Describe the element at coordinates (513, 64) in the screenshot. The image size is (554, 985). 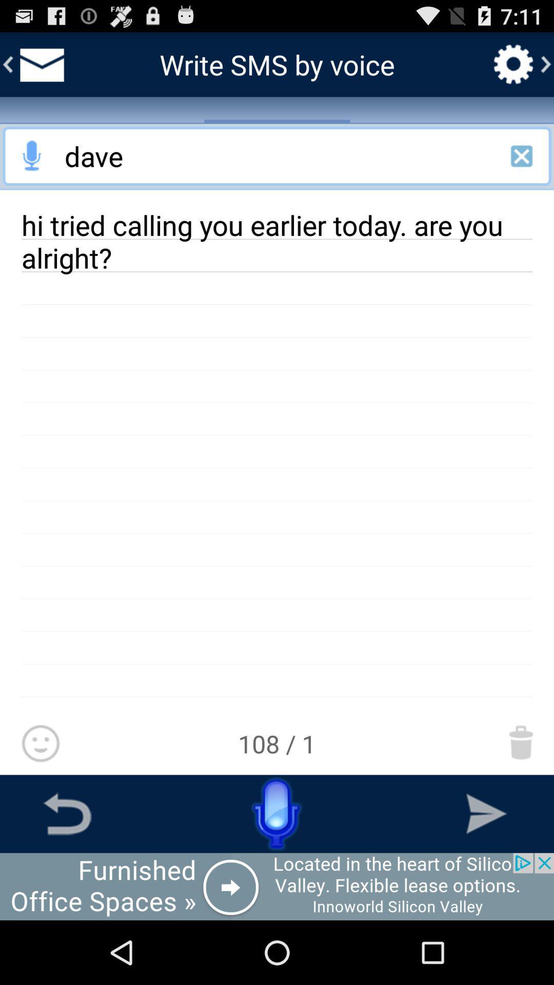
I see `settings` at that location.